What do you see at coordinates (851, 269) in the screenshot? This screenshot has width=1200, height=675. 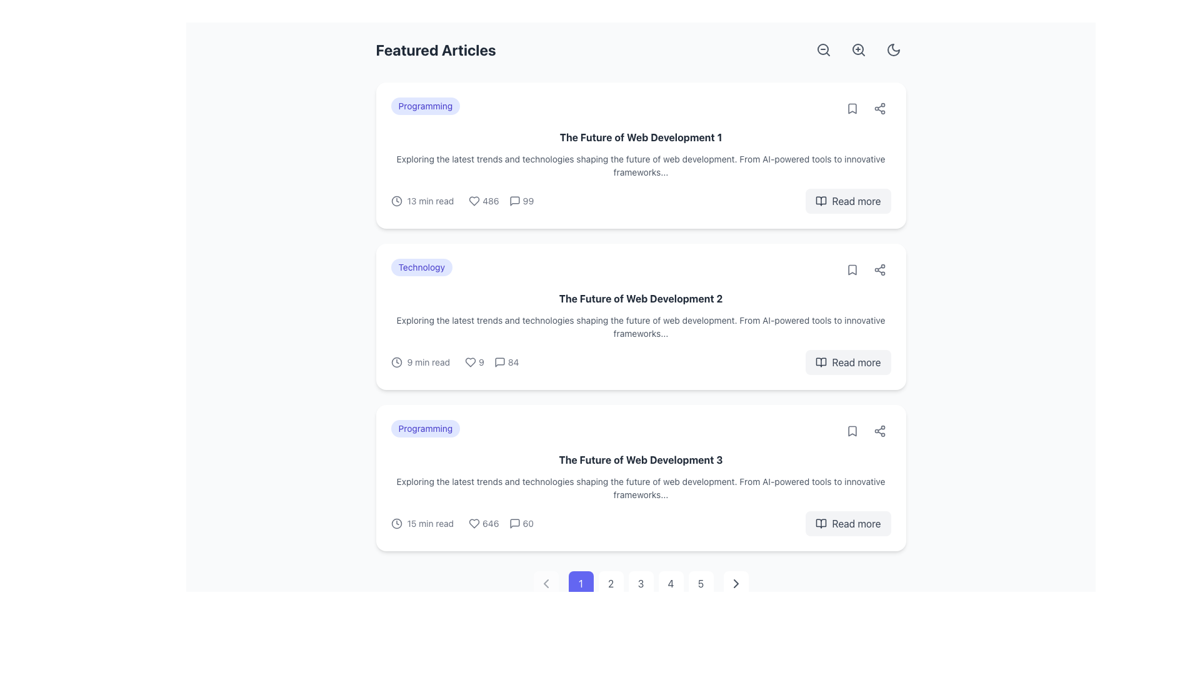 I see `the bookmark icon located at the upper right corner of the second article card` at bounding box center [851, 269].